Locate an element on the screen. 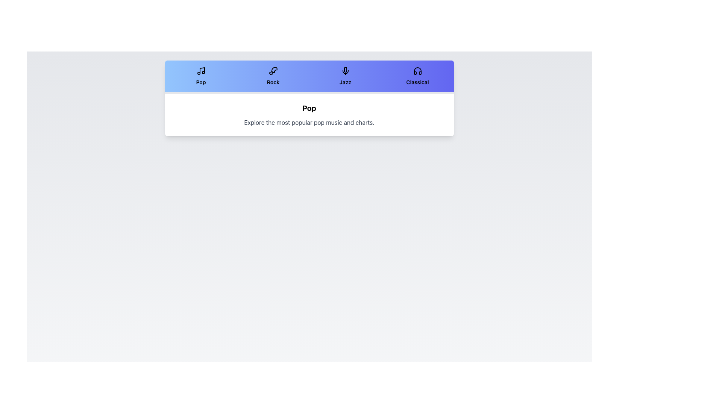 The width and height of the screenshot is (722, 406). 'Classical' text label, which is displayed in bold black font below the headphones icon, to see more details about its content is located at coordinates (417, 82).